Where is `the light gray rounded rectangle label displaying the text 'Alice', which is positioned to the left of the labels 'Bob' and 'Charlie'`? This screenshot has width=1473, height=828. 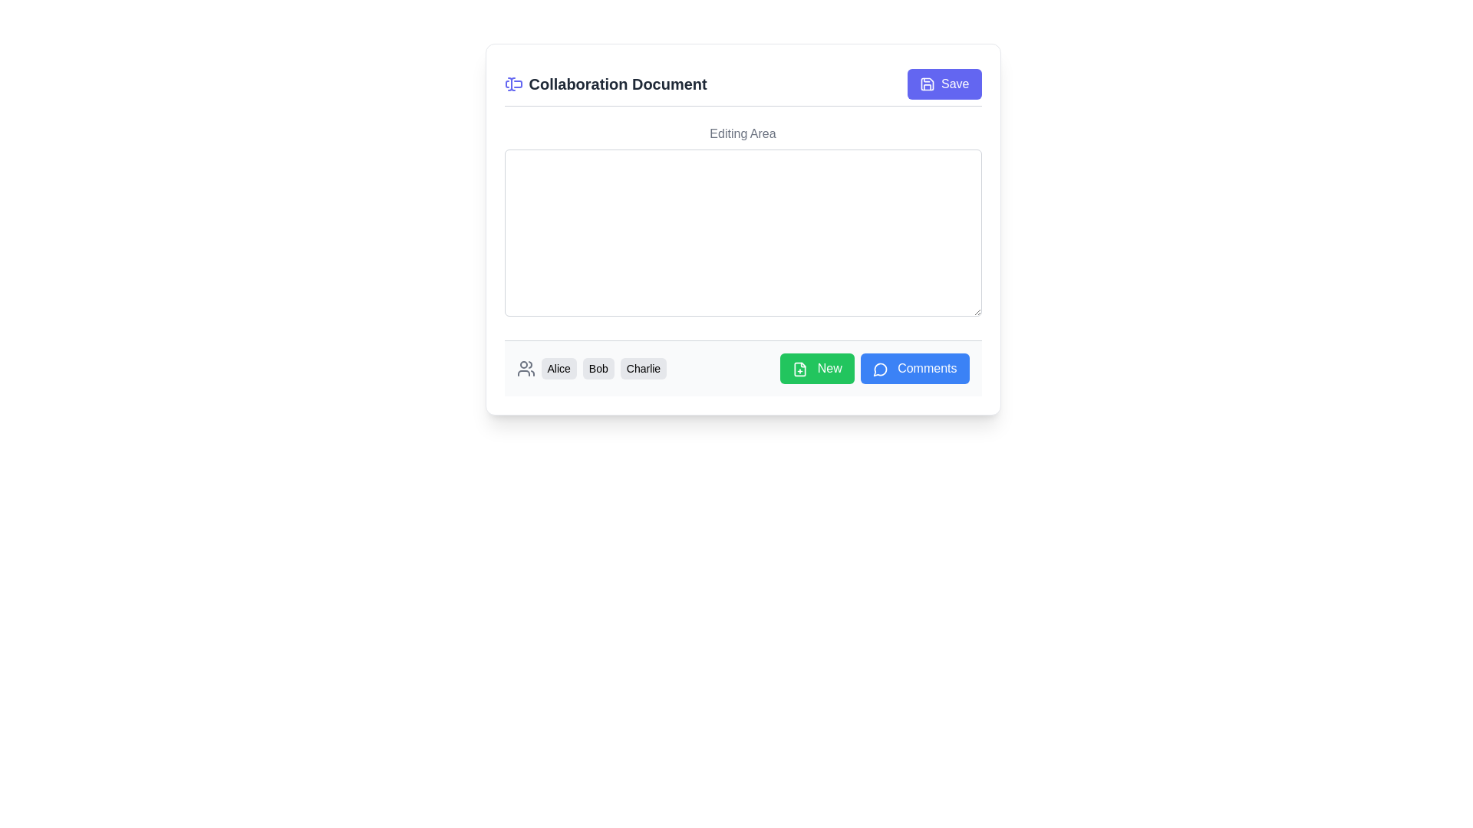 the light gray rounded rectangle label displaying the text 'Alice', which is positioned to the left of the labels 'Bob' and 'Charlie' is located at coordinates (558, 369).